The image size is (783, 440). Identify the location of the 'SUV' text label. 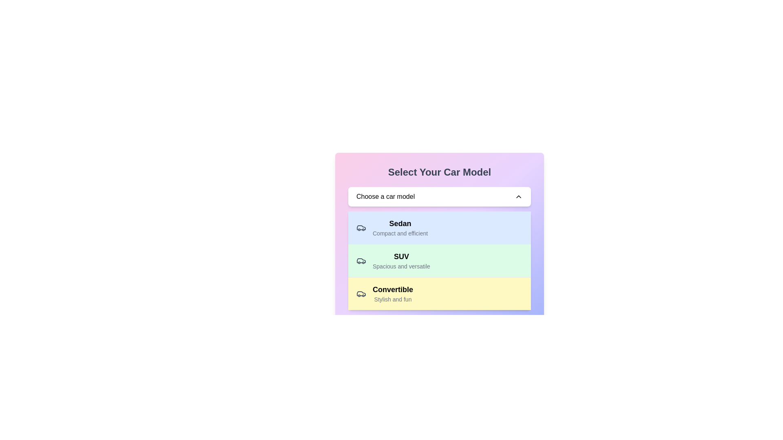
(401, 256).